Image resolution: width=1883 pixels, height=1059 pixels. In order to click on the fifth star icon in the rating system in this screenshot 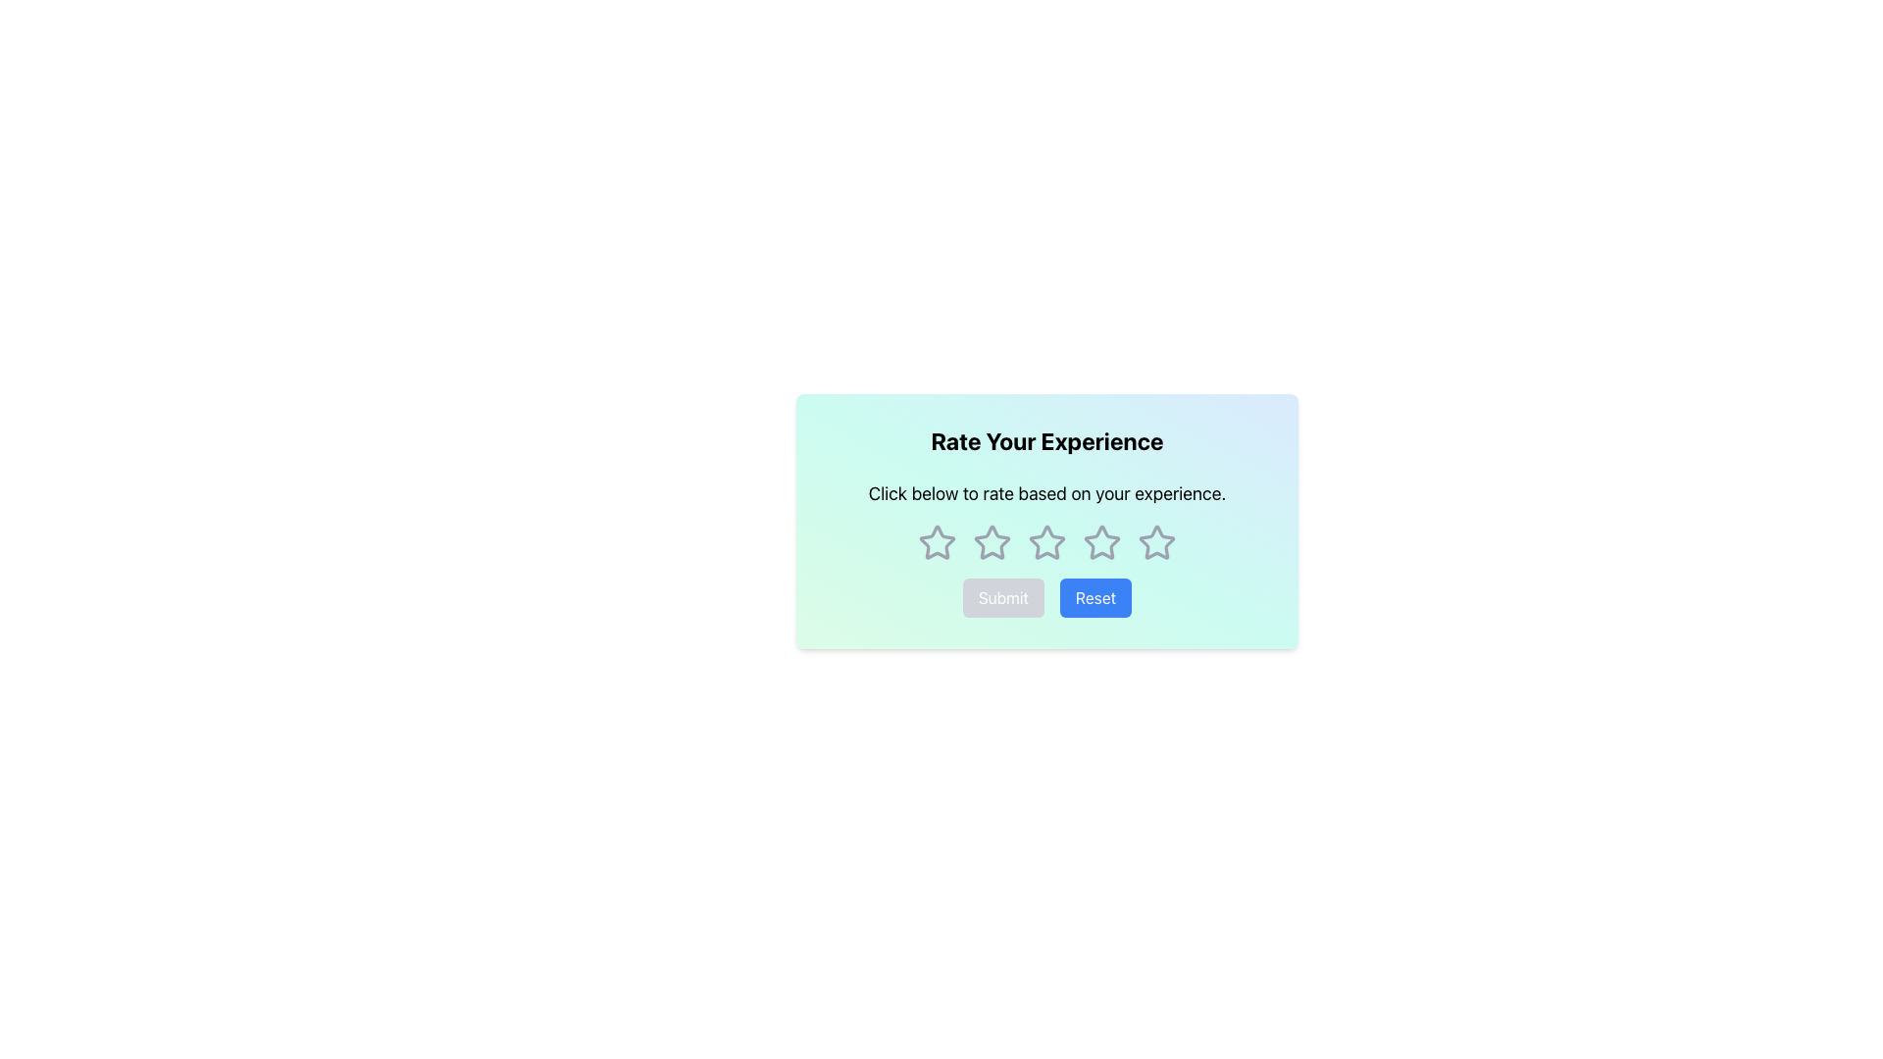, I will do `click(1156, 541)`.